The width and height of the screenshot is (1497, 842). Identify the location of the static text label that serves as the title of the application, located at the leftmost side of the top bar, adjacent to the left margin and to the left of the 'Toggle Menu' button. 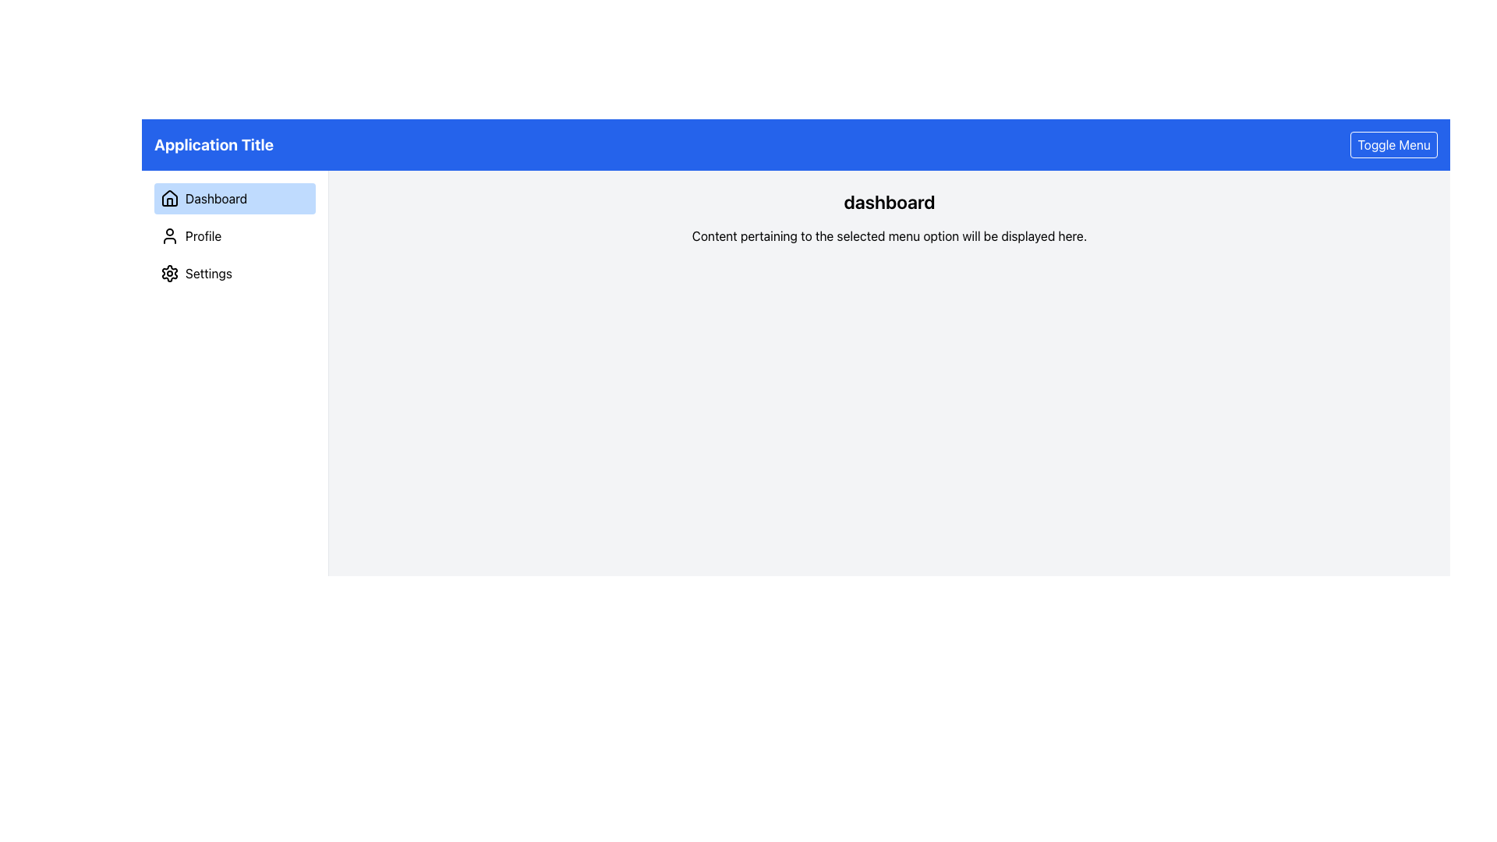
(213, 144).